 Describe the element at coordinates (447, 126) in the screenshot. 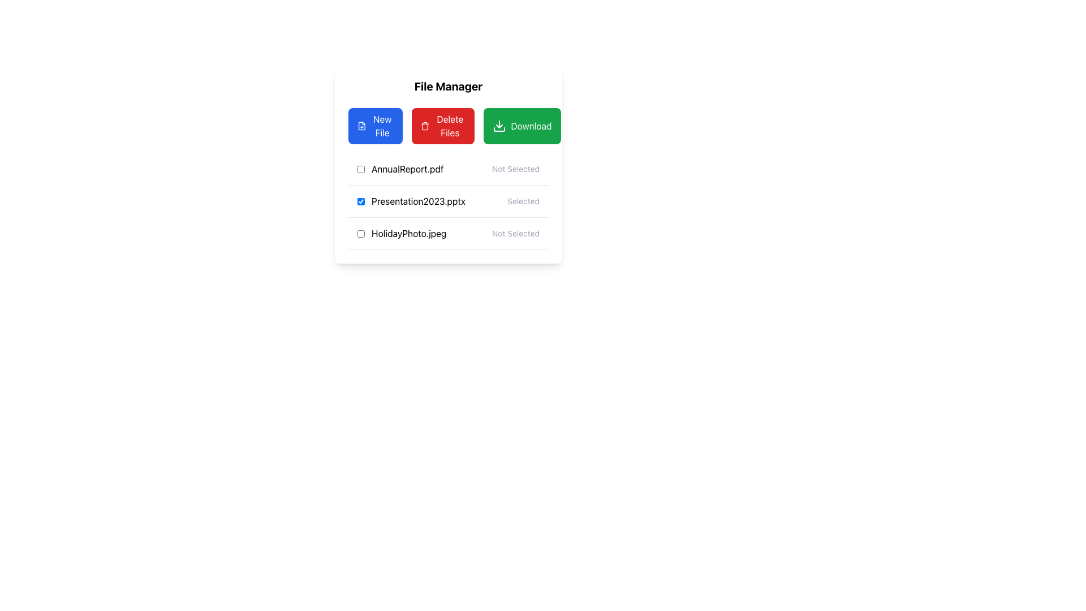

I see `the 'Delete Files' button in the button group for file management actions located below the title 'File Manager'` at that location.